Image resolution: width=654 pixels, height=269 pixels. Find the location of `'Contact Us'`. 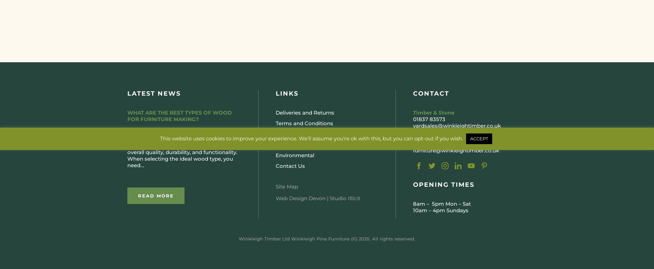

'Contact Us' is located at coordinates (275, 166).